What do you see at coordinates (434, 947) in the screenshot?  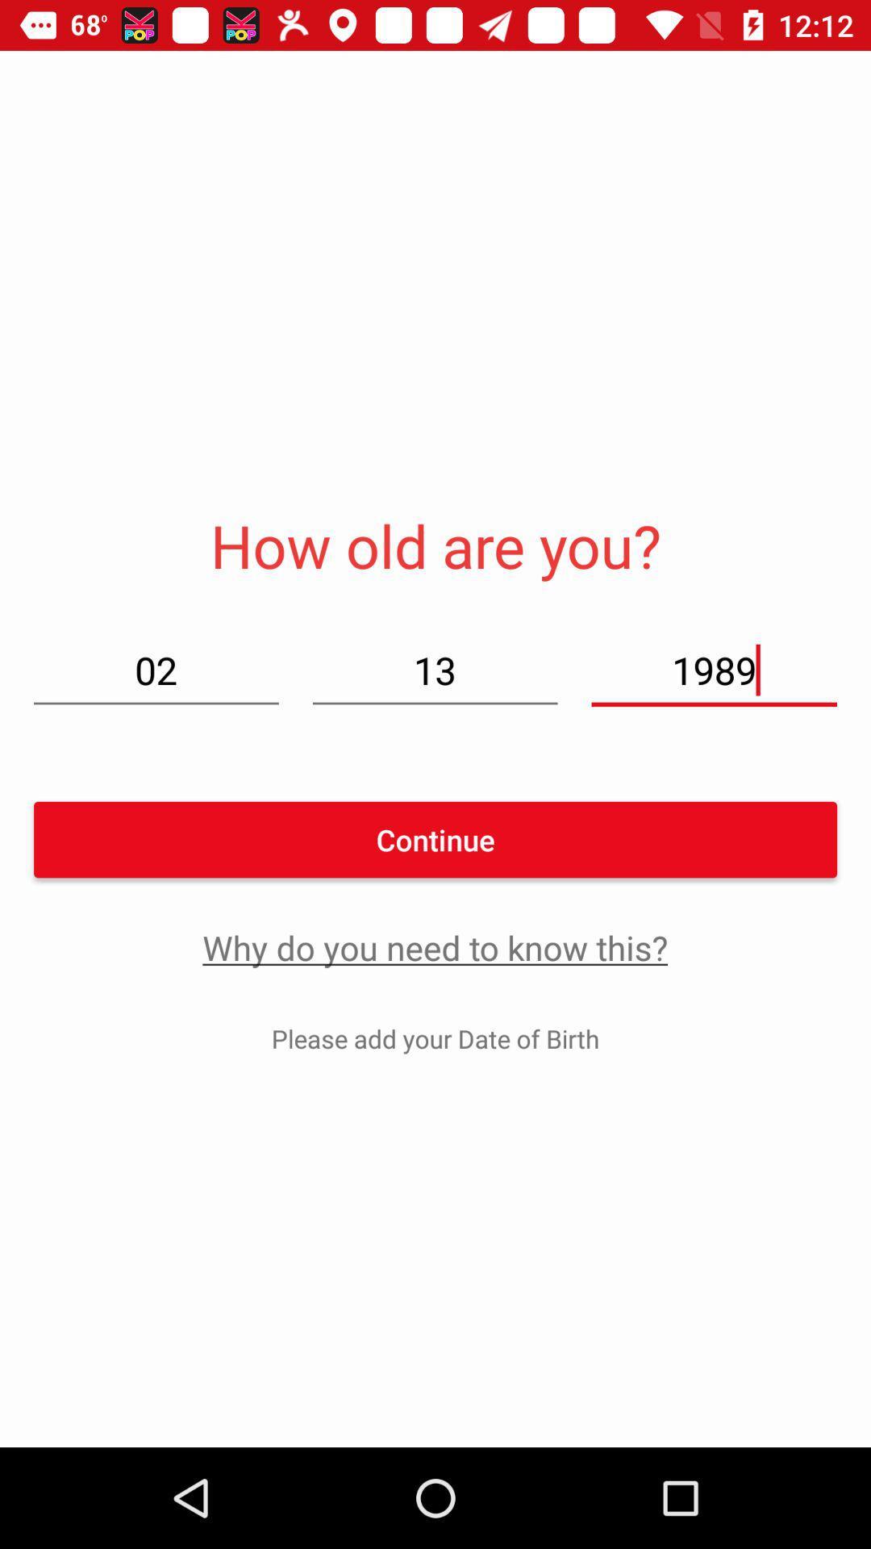 I see `why do you icon` at bounding box center [434, 947].